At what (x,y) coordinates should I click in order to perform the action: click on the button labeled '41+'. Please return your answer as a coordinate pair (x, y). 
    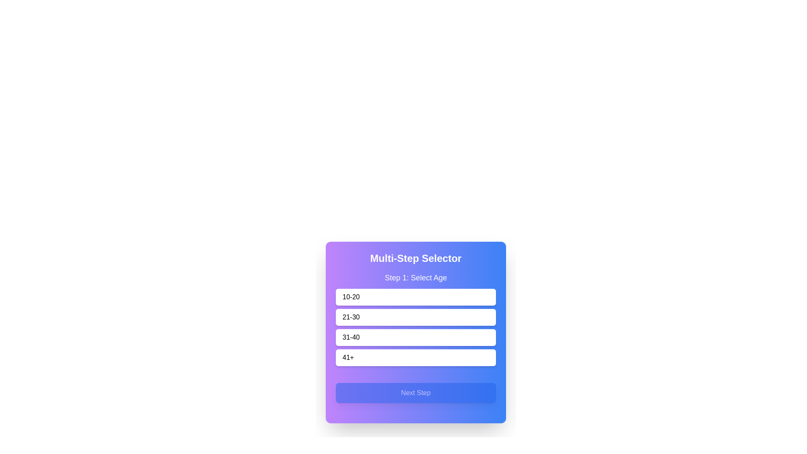
    Looking at the image, I should click on (416, 358).